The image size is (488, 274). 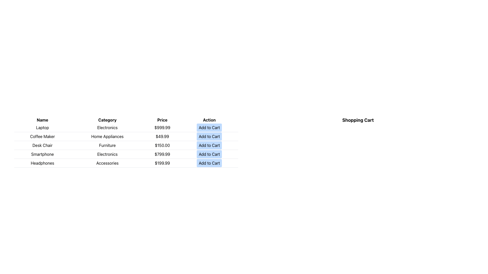 I want to click on the 'Add to Cart' button, which is a rectangular button with a light blue background and rounded corners, located in the action column of the 'Smartphone' row, so click(x=209, y=154).